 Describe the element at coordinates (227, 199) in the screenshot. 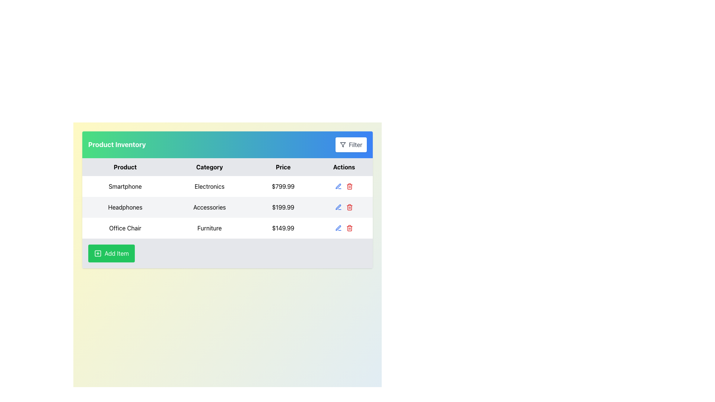

I see `the 'Accessories' table cell located in the 'Category' column of the 'Product Inventory' table` at that location.